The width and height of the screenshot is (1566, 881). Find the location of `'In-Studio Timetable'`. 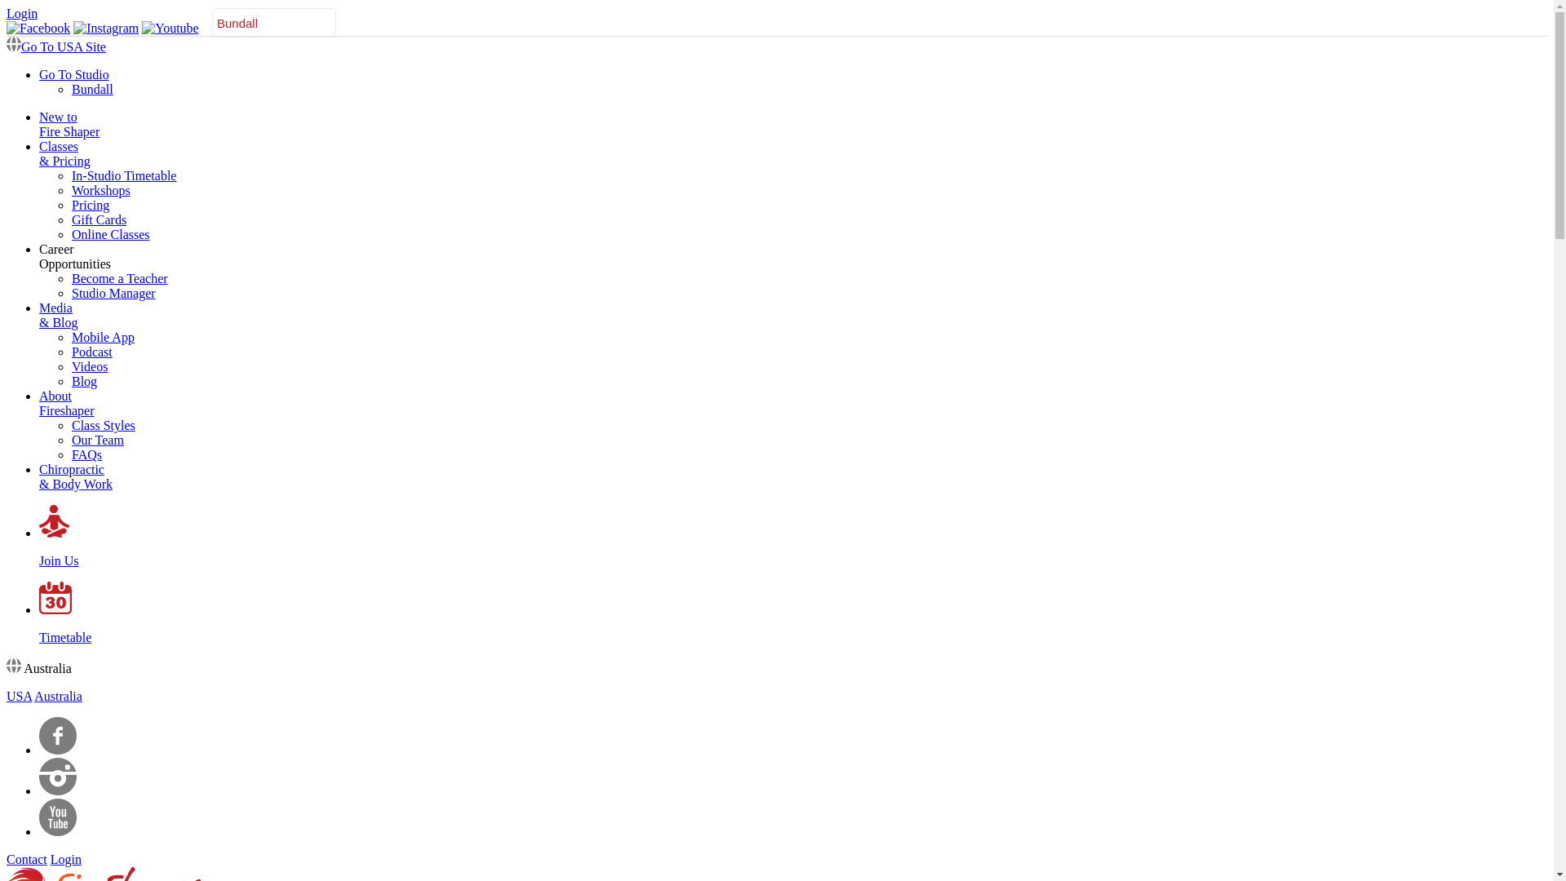

'In-Studio Timetable' is located at coordinates (123, 175).